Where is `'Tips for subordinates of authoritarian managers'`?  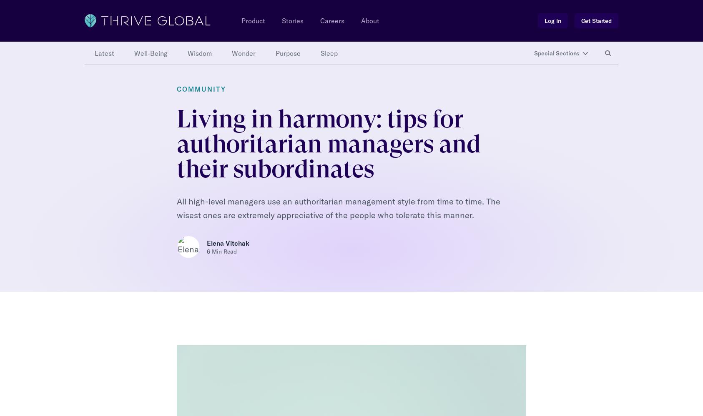 'Tips for subordinates of authoritarian managers' is located at coordinates (251, 69).